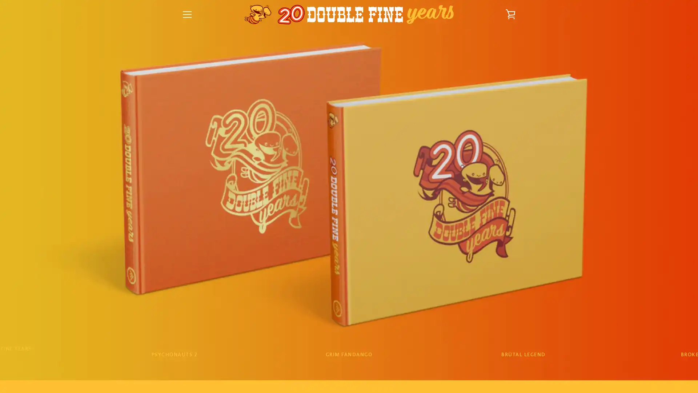 This screenshot has width=698, height=393. What do you see at coordinates (523, 354) in the screenshot?
I see `SLIDE 4 BRUTAL LEGEND` at bounding box center [523, 354].